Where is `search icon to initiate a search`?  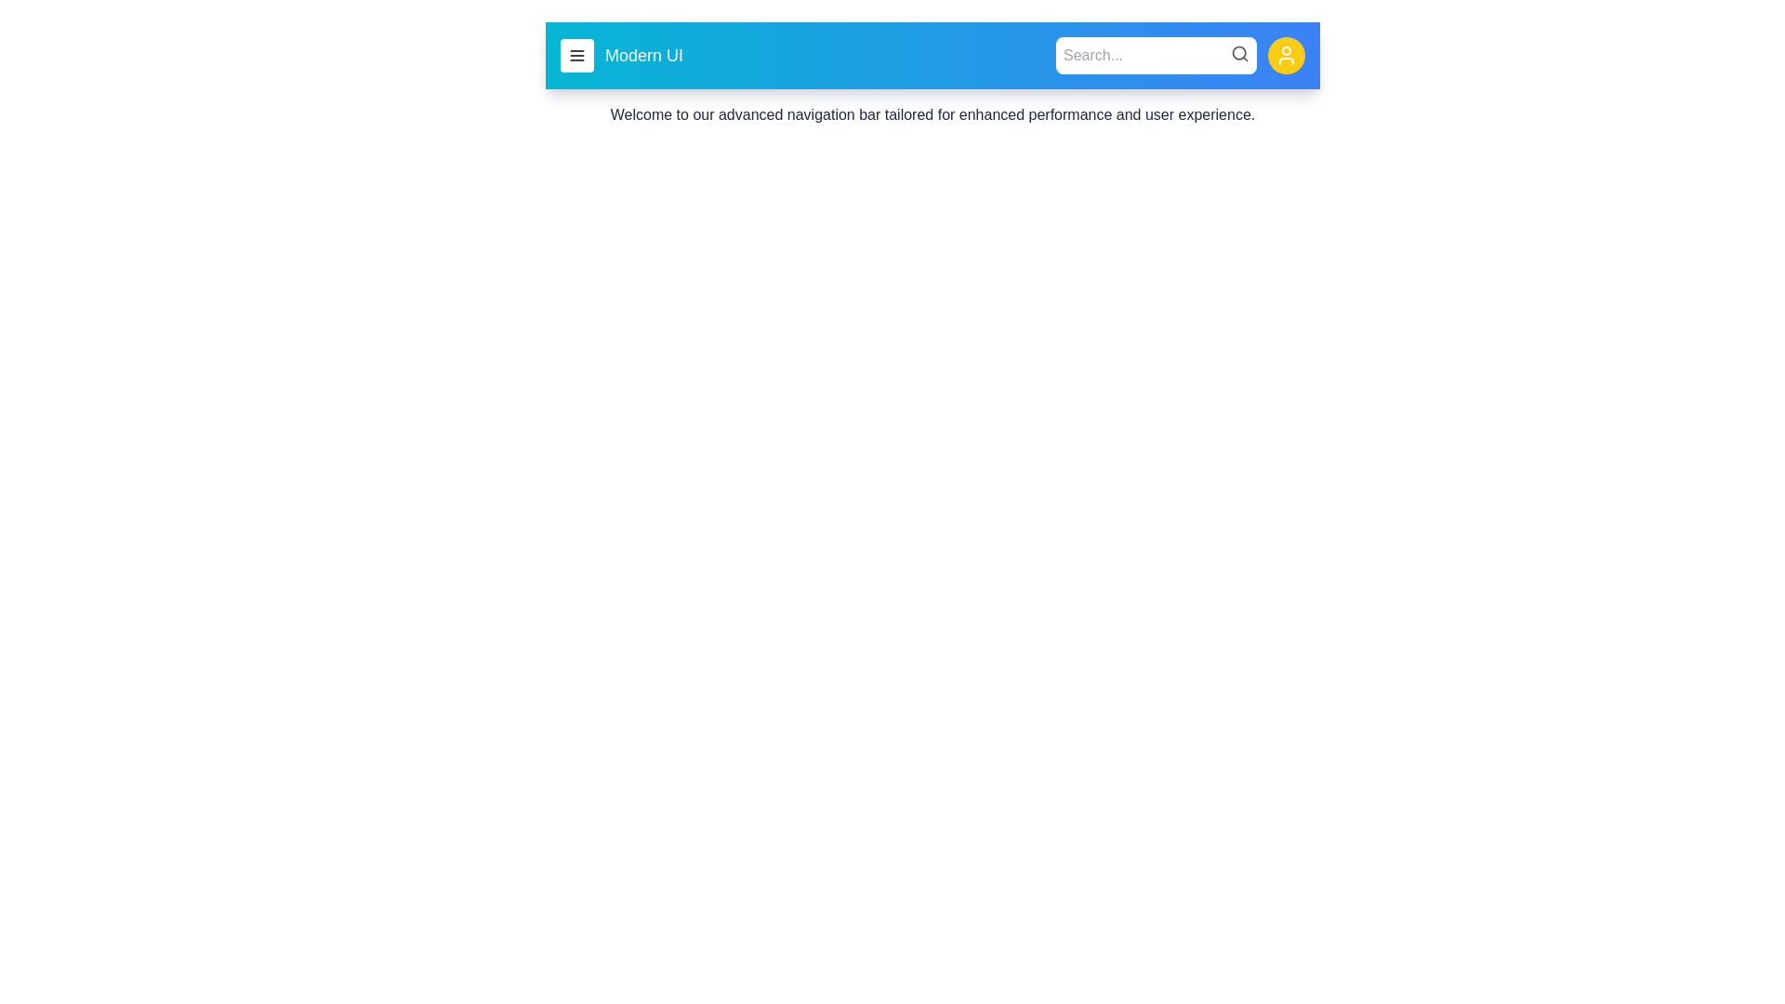
search icon to initiate a search is located at coordinates (1240, 52).